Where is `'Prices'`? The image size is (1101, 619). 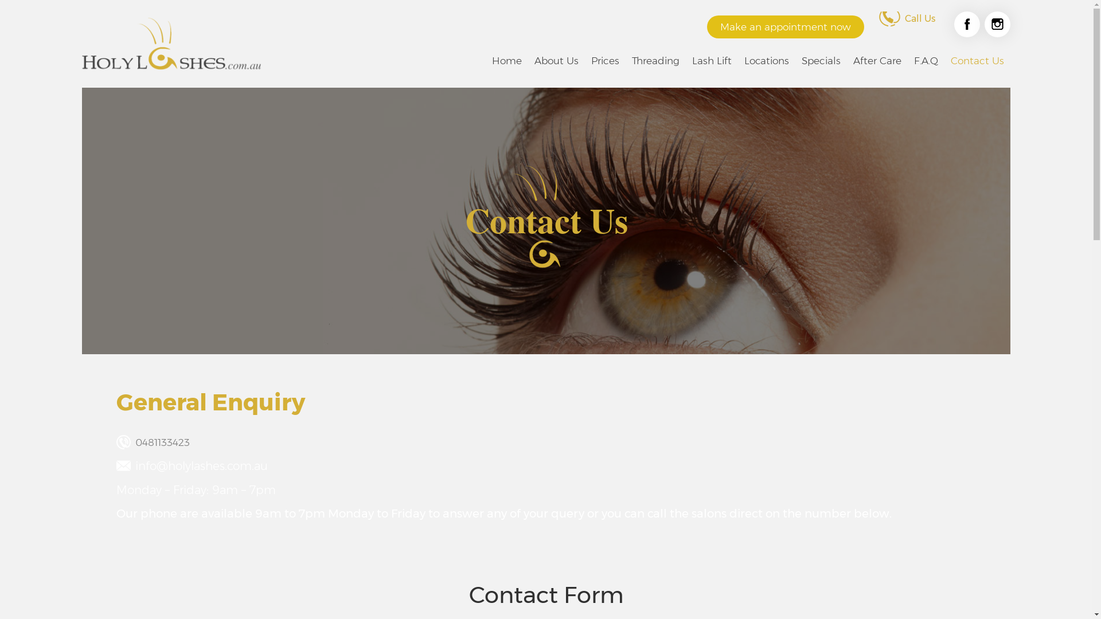
'Prices' is located at coordinates (604, 60).